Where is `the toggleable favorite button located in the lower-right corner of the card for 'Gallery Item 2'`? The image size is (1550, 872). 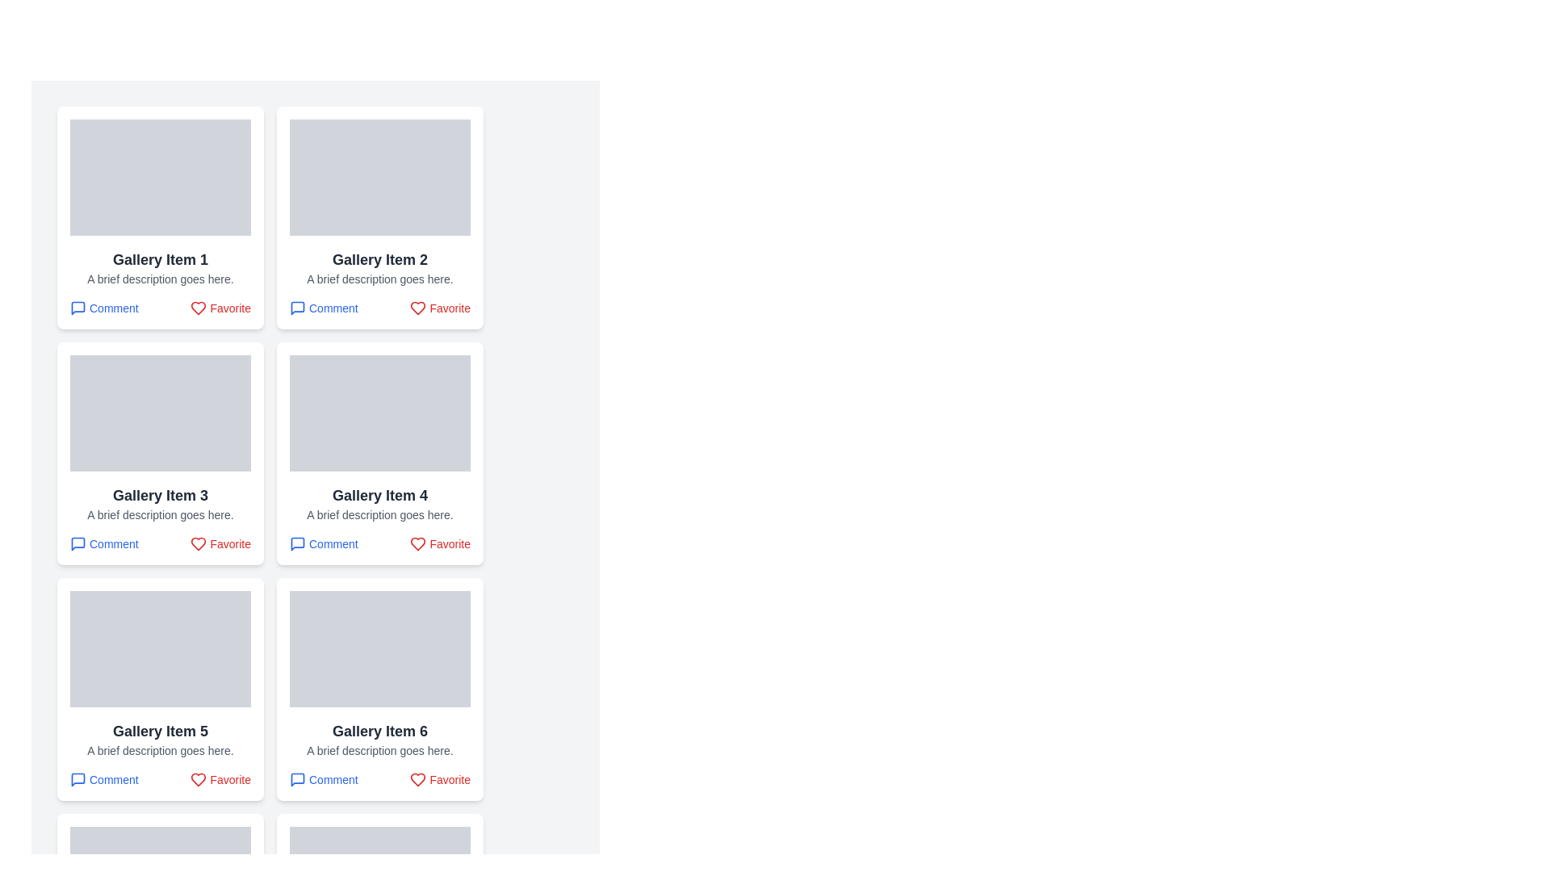
the toggleable favorite button located in the lower-right corner of the card for 'Gallery Item 2' is located at coordinates (440, 308).